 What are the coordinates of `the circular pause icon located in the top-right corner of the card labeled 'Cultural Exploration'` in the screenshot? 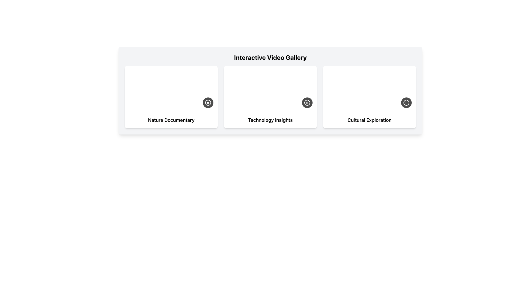 It's located at (406, 103).